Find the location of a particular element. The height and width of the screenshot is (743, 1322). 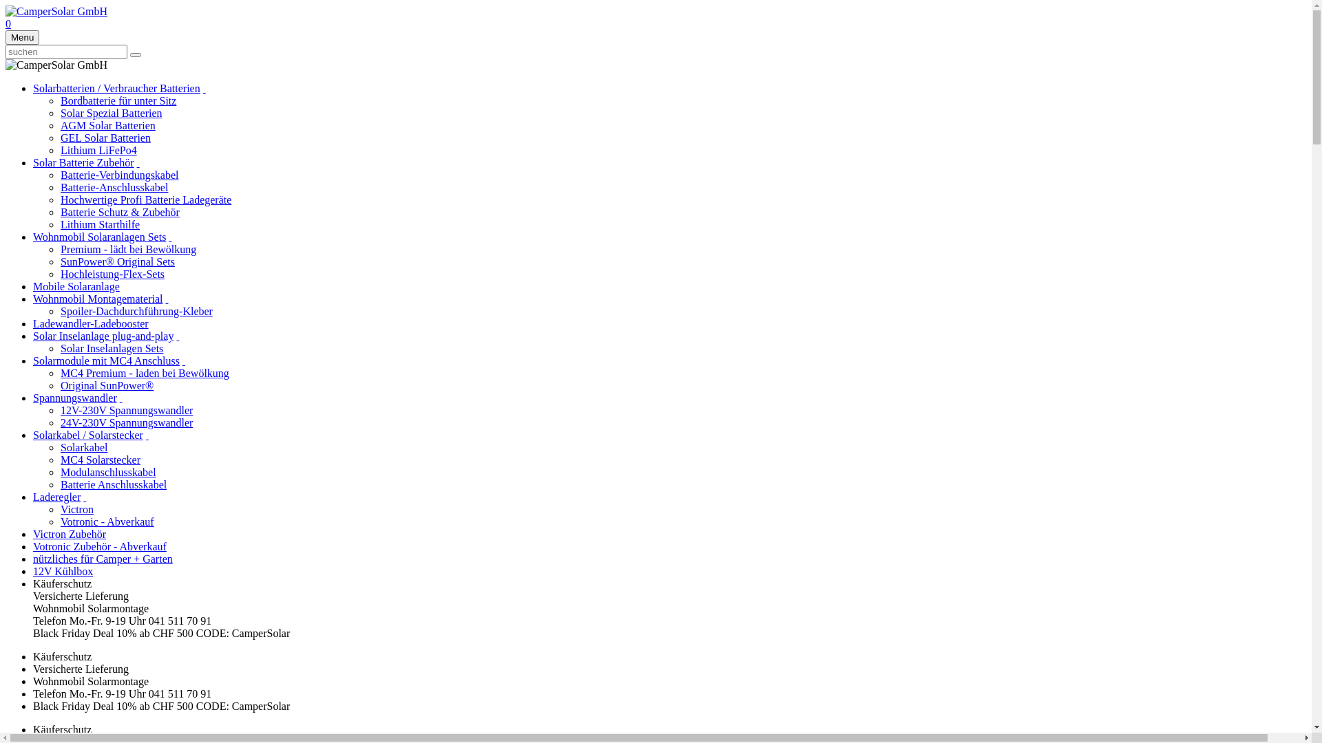

'Batterie-Anschlusskabel' is located at coordinates (114, 187).